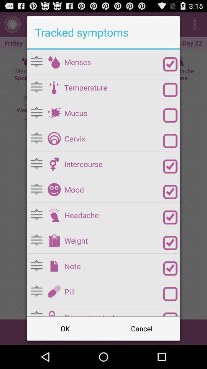 The width and height of the screenshot is (207, 369). What do you see at coordinates (170, 64) in the screenshot?
I see `selcet` at bounding box center [170, 64].